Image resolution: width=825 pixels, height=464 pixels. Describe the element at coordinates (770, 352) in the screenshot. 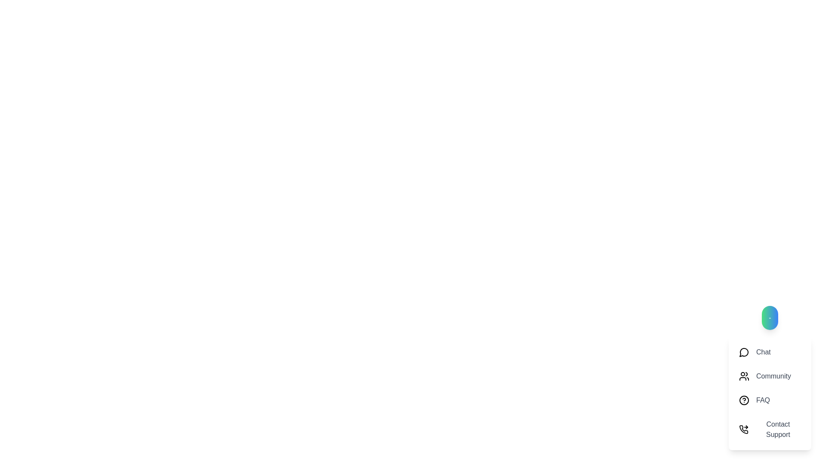

I see `the 'Chat' menu item, which features a speech bubble icon and is the first item in the menu list` at that location.